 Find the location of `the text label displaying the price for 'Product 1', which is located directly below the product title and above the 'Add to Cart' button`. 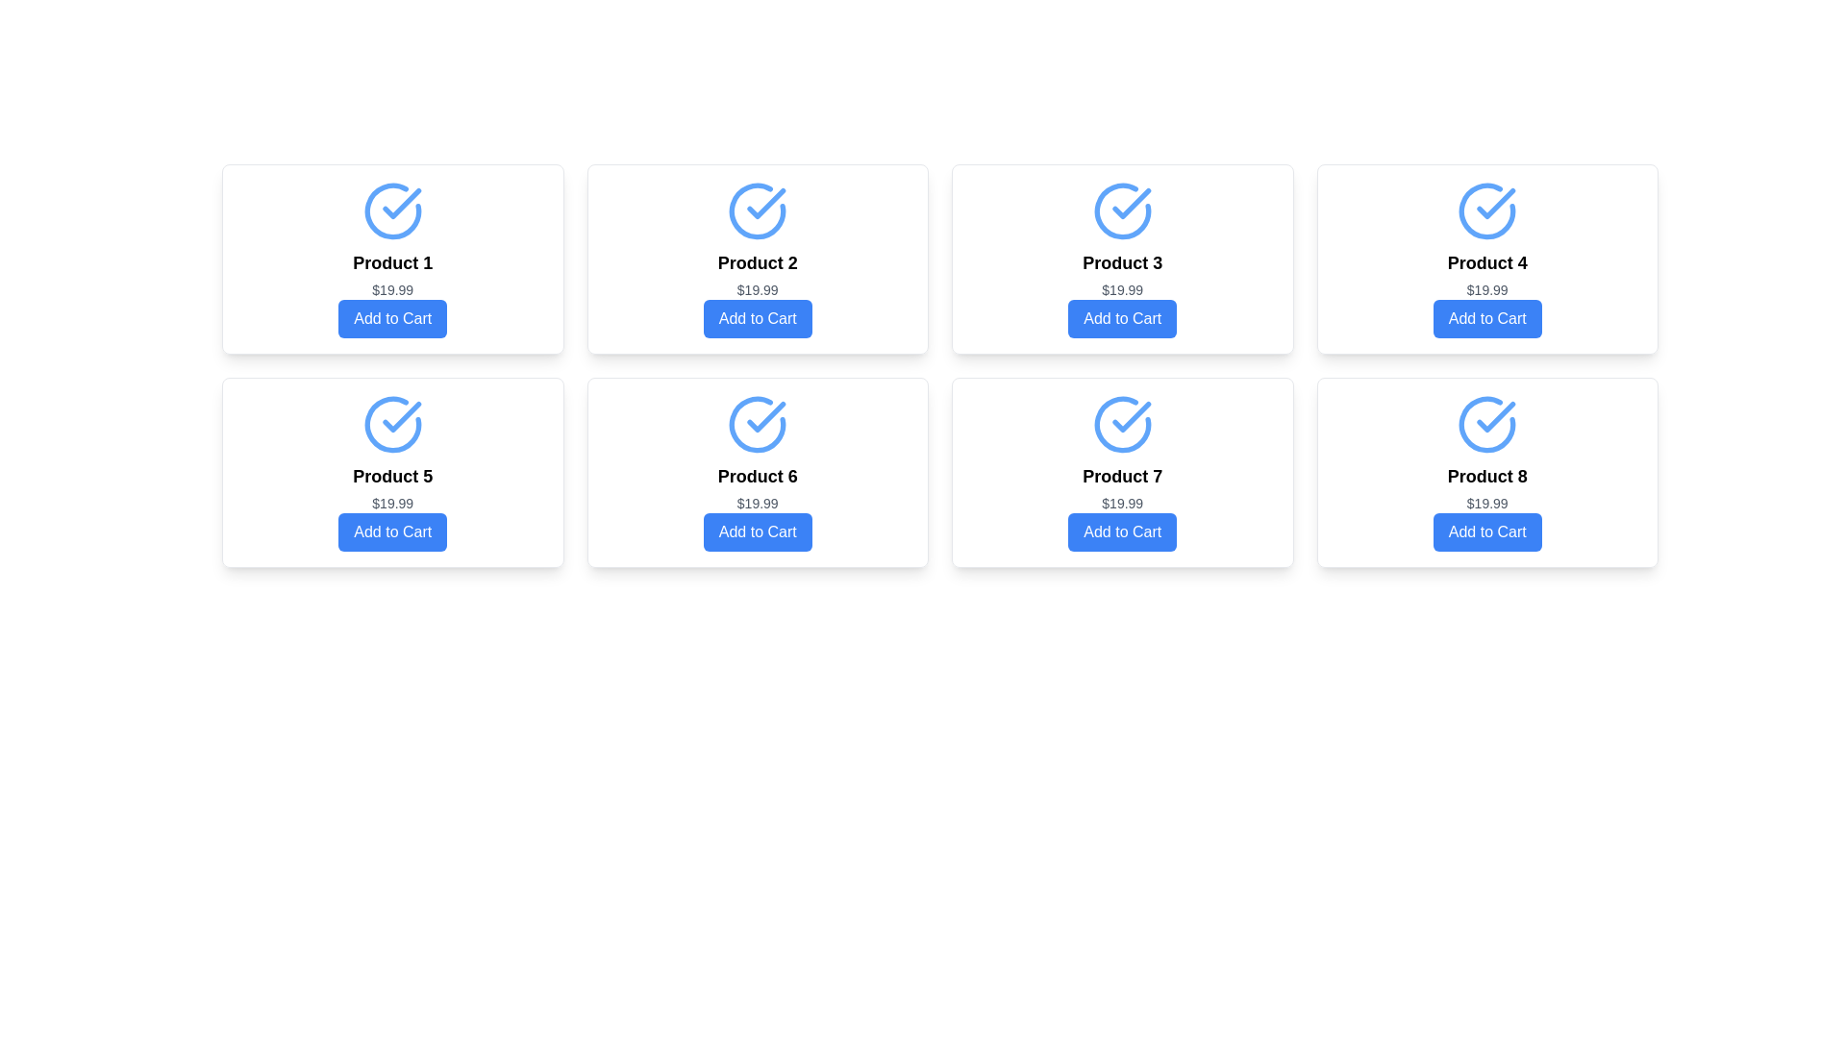

the text label displaying the price for 'Product 1', which is located directly below the product title and above the 'Add to Cart' button is located at coordinates (391, 289).